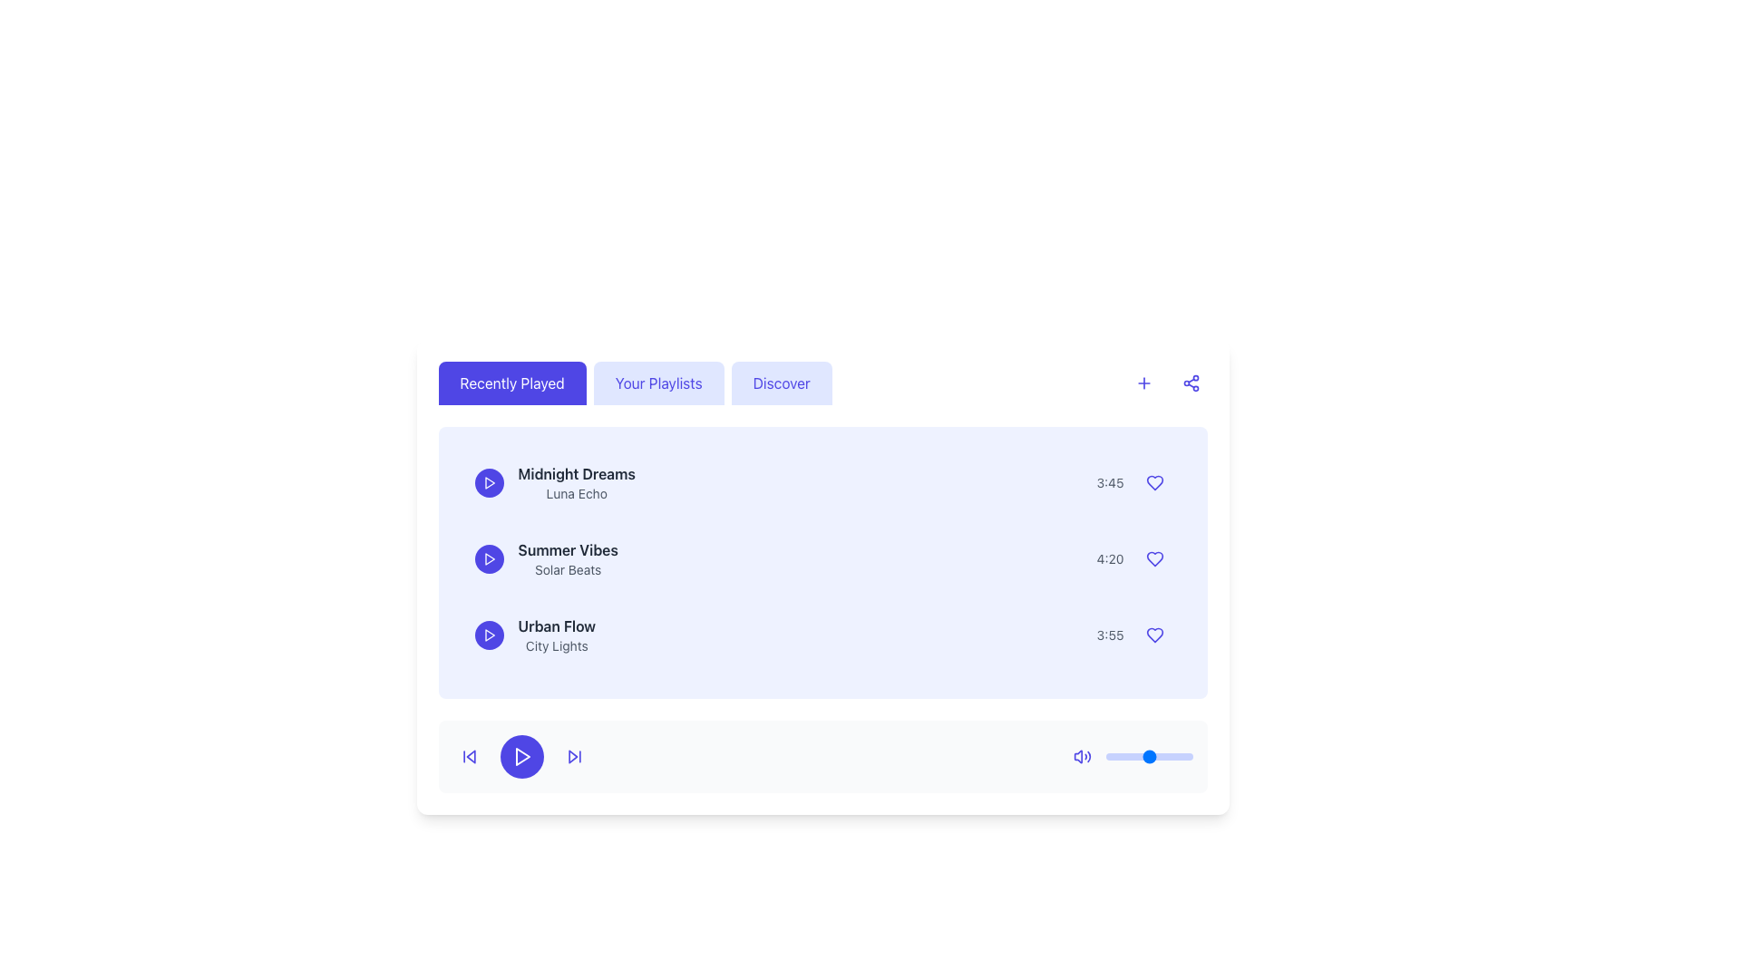  What do you see at coordinates (1175, 756) in the screenshot?
I see `the slider` at bounding box center [1175, 756].